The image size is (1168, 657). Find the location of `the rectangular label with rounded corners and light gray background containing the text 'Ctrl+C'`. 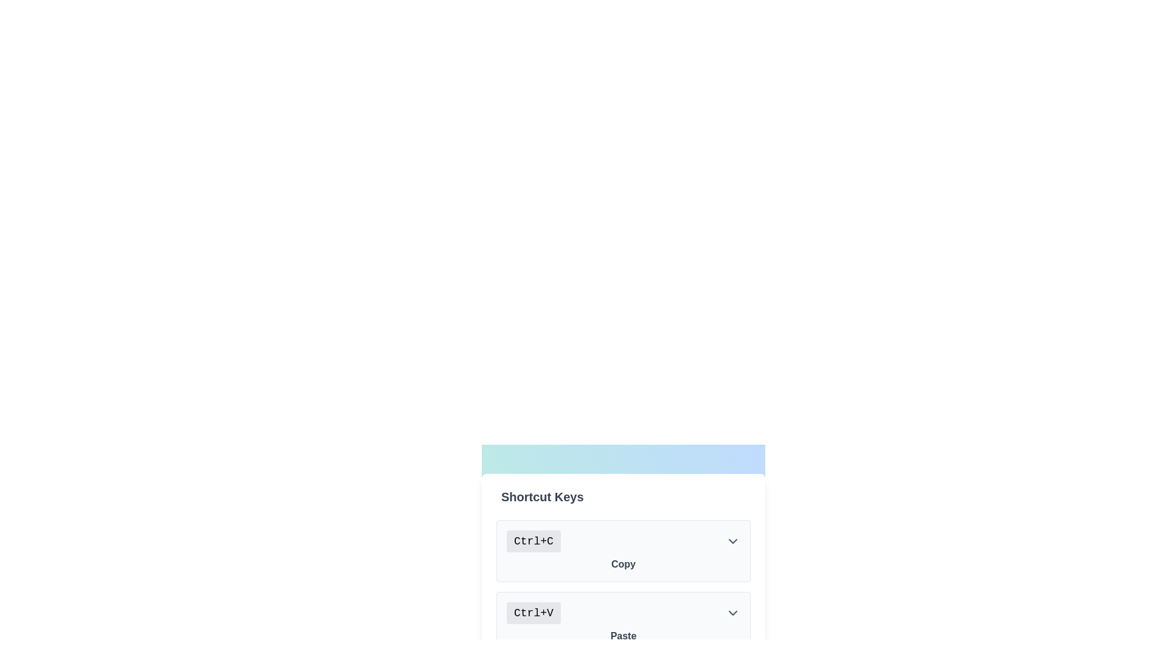

the rectangular label with rounded corners and light gray background containing the text 'Ctrl+C' is located at coordinates (534, 541).